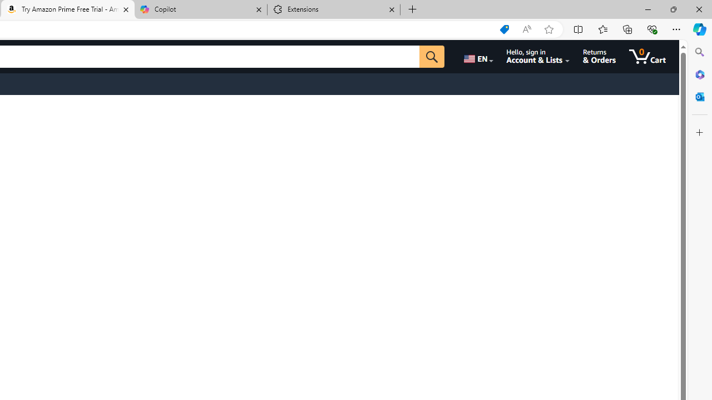 The image size is (712, 400). Describe the element at coordinates (699, 132) in the screenshot. I see `'Customize'` at that location.